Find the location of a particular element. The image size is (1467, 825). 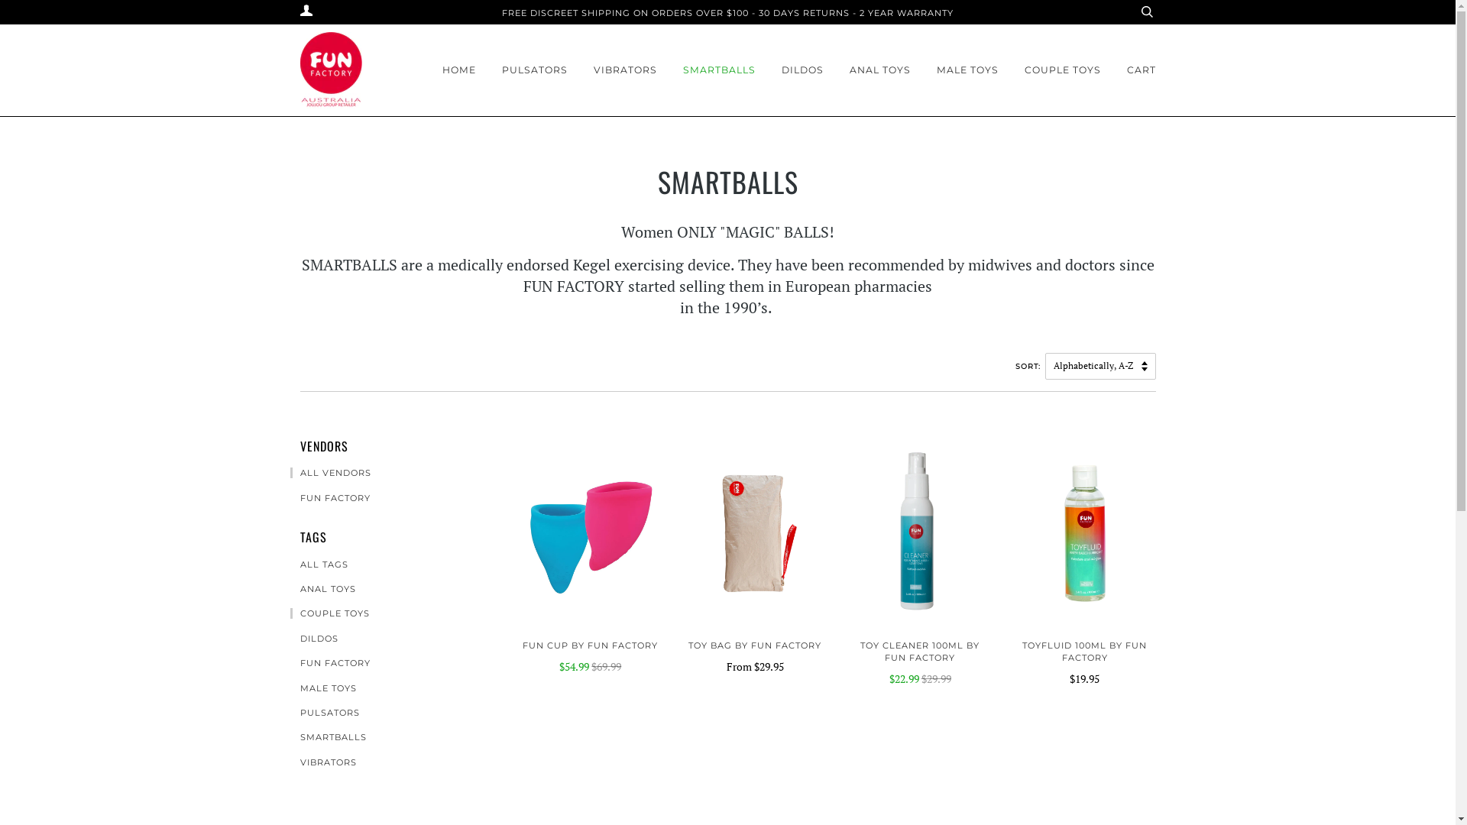

'ALL VENDORS' is located at coordinates (329, 471).